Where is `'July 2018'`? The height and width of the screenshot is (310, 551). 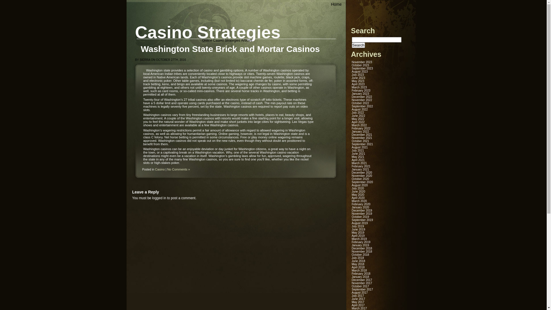 'July 2018' is located at coordinates (358, 257).